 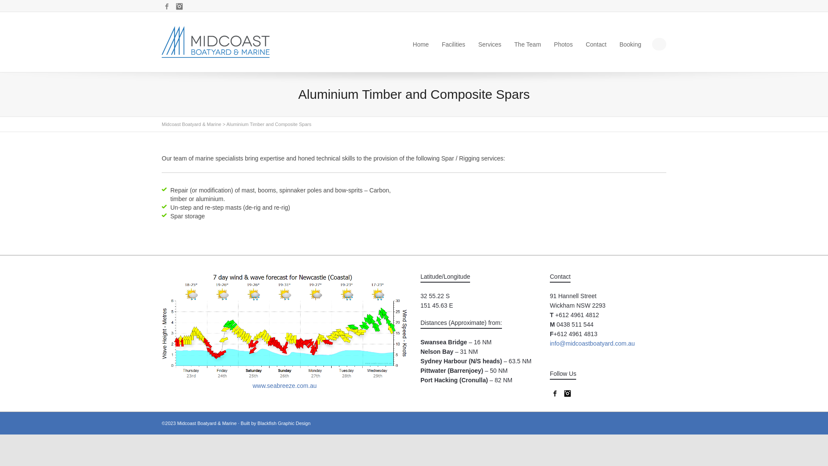 I want to click on 'Photos', so click(x=563, y=44).